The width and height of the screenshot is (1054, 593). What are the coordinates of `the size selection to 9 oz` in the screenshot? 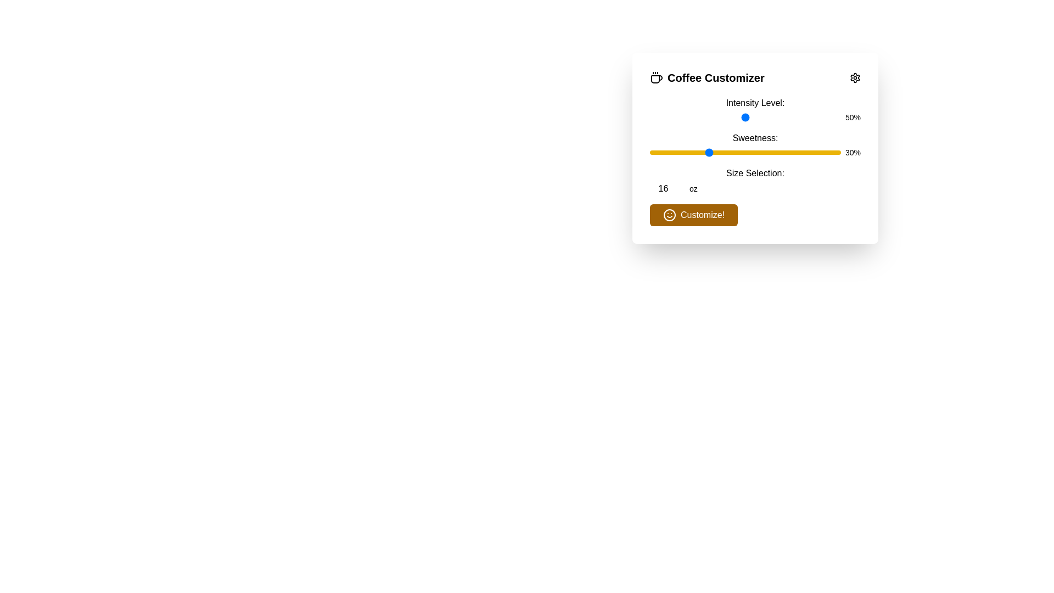 It's located at (666, 188).